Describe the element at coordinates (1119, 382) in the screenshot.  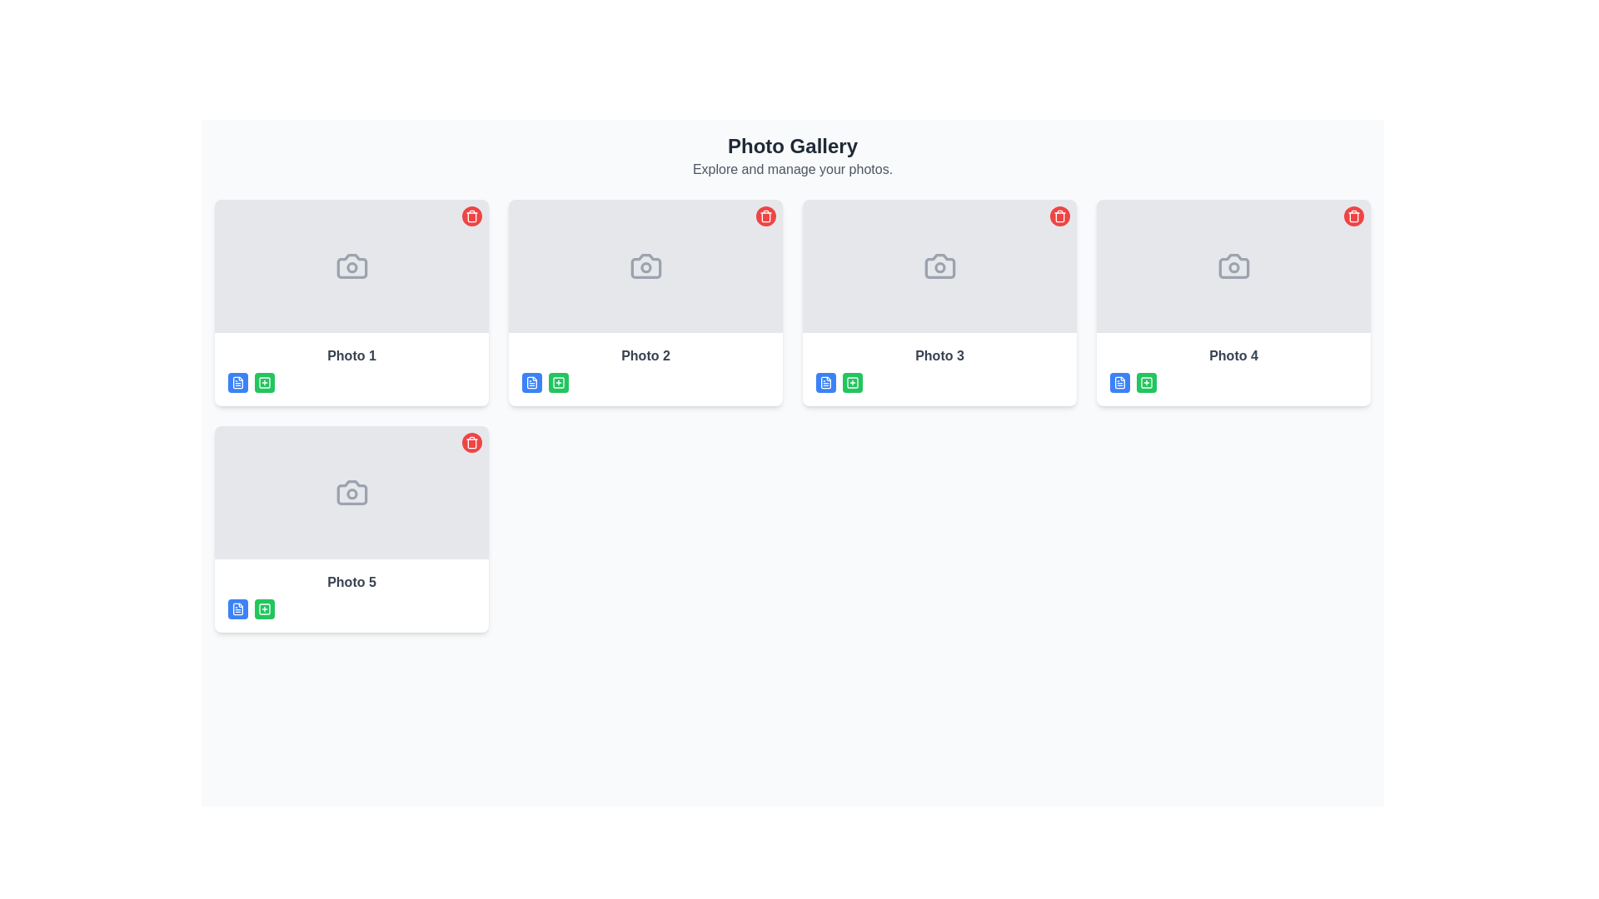
I see `the blue document icon located at the bottom left corner of the 'Photo 4' card` at that location.